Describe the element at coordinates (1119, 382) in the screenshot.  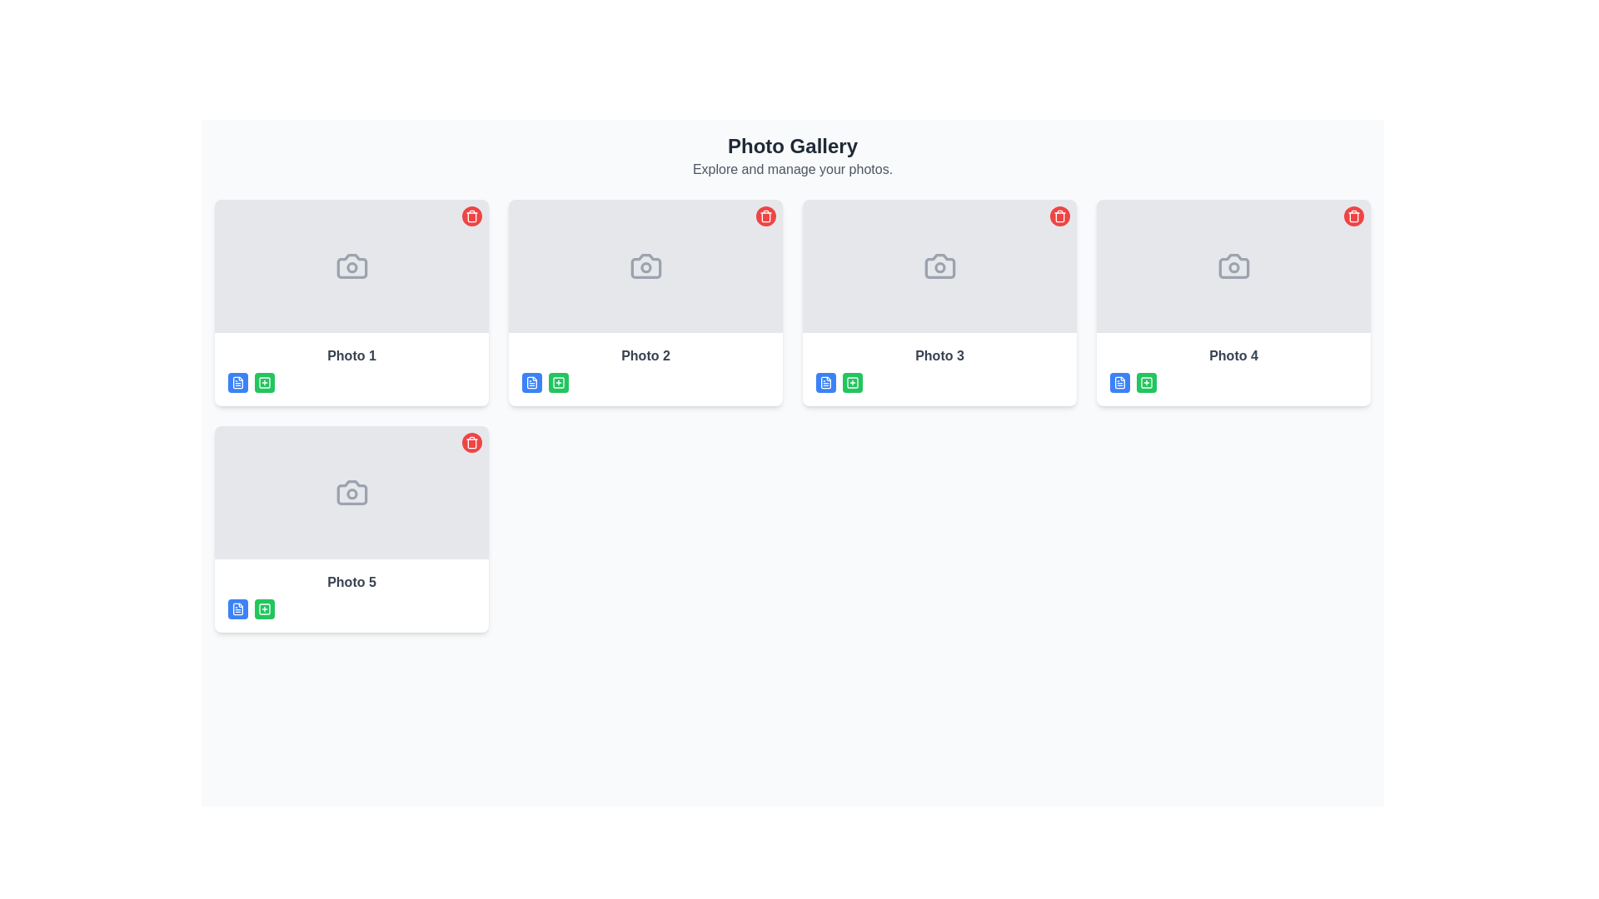
I see `the blue document icon located at the bottom left corner of the 'Photo 4' card` at that location.